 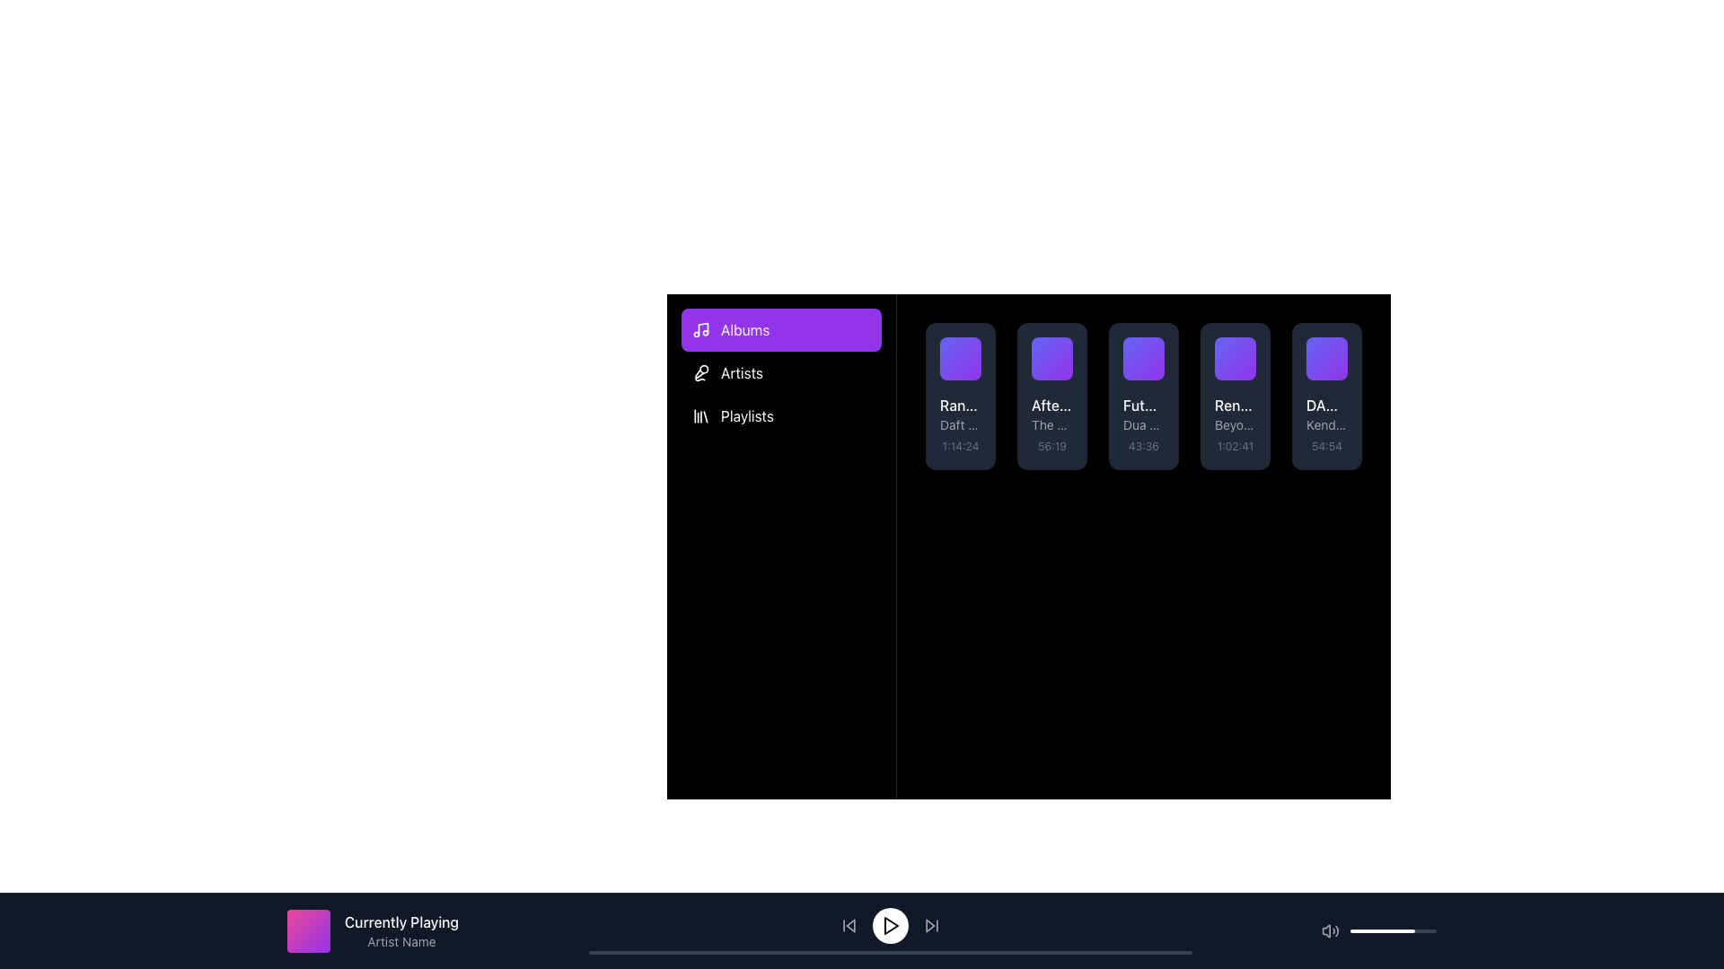 What do you see at coordinates (848, 926) in the screenshot?
I see `the backward skip button icon located at the bottom center of the interface` at bounding box center [848, 926].